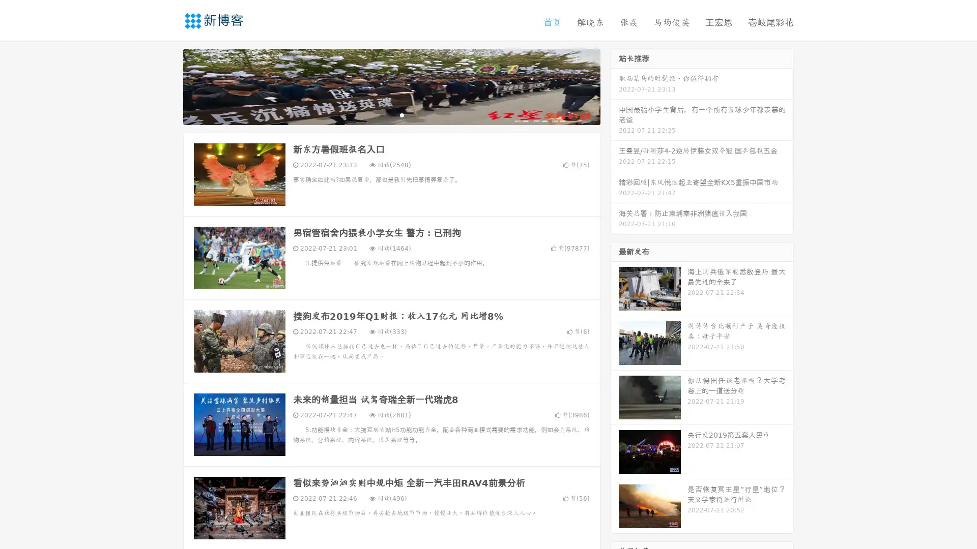 This screenshot has width=977, height=549. What do you see at coordinates (168, 85) in the screenshot?
I see `Previous slide` at bounding box center [168, 85].